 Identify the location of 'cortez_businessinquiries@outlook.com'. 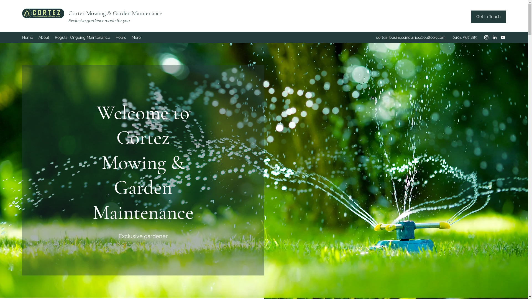
(411, 37).